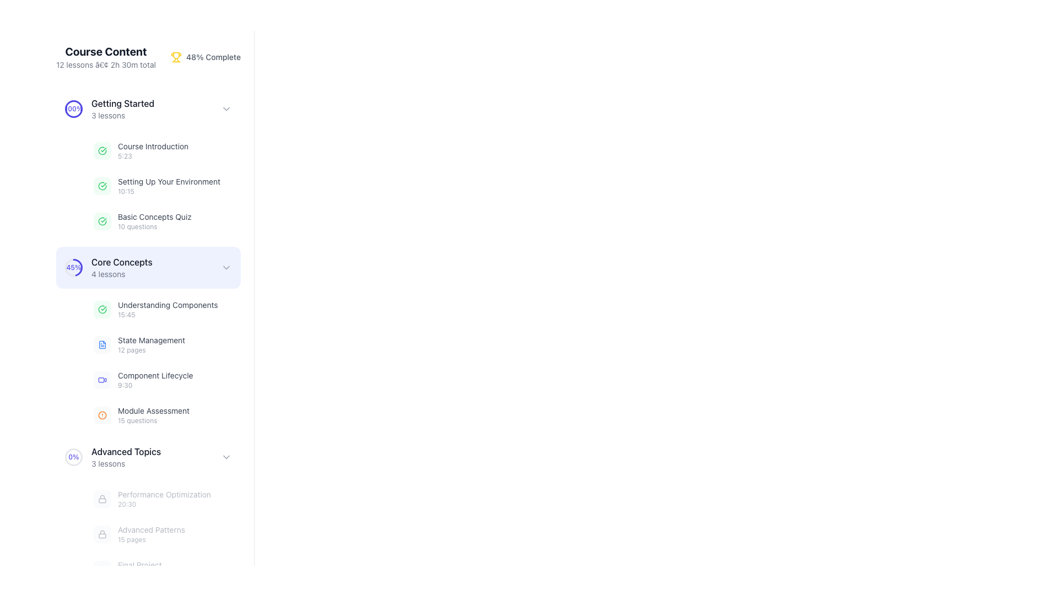 This screenshot has width=1058, height=595. I want to click on the 'Advanced Topics' text label, which is styled in dark gray and serves as a section title in the vertical list format, so click(126, 452).